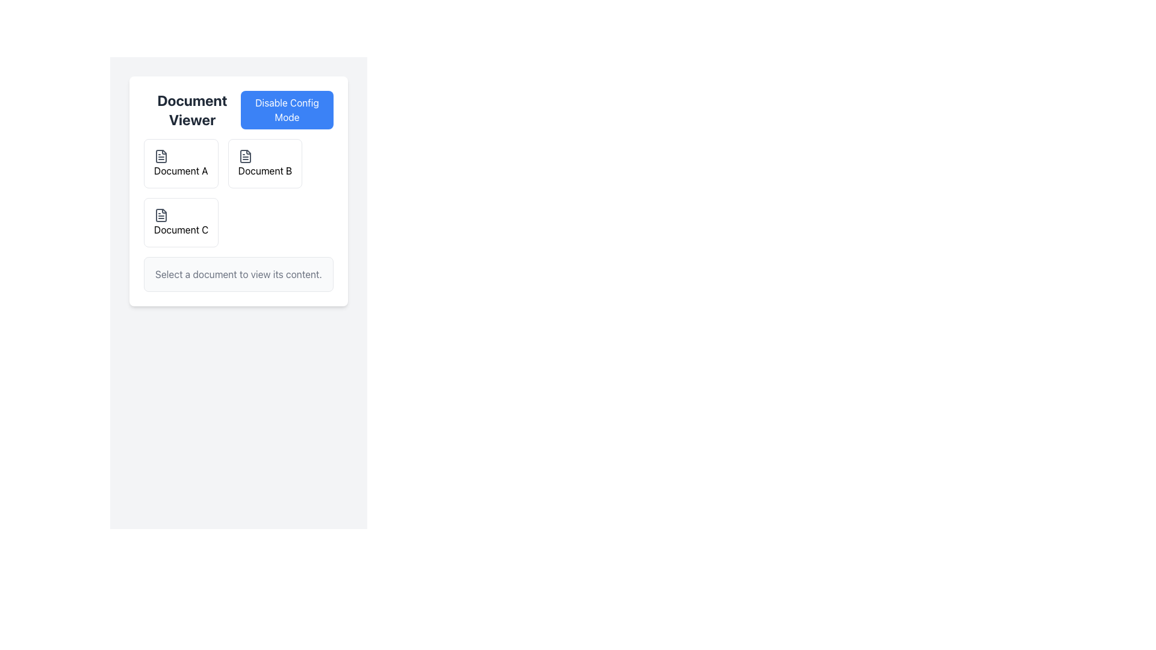  I want to click on heading text related to 'Document Viewer', located to the left of the blue button labeled 'Disable Config Mode', so click(191, 110).